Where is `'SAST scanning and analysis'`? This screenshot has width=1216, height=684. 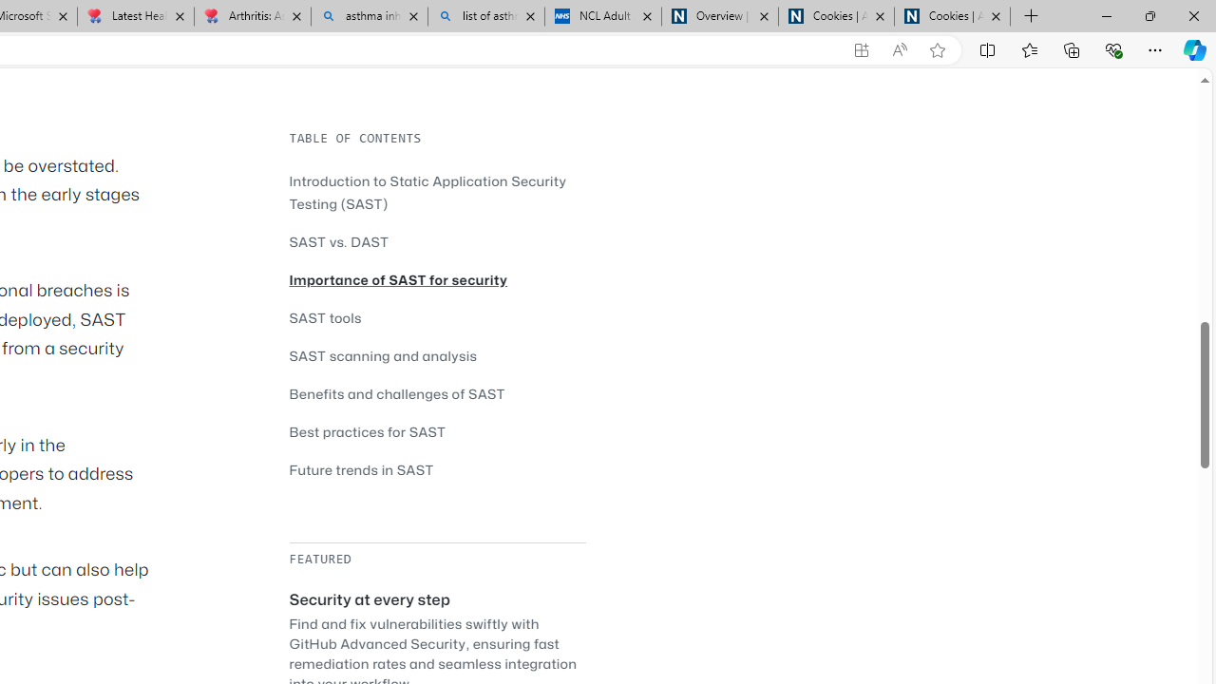 'SAST scanning and analysis' is located at coordinates (382, 355).